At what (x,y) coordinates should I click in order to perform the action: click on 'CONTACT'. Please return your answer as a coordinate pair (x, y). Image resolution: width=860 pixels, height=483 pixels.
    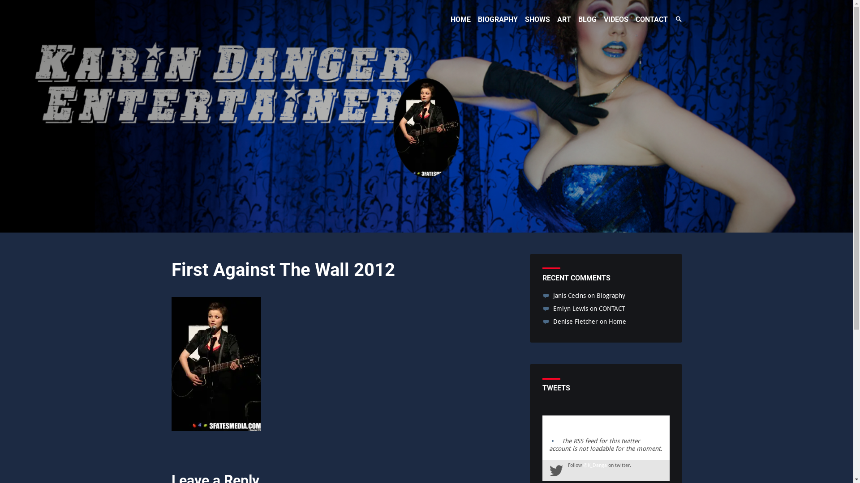
    Looking at the image, I should click on (611, 308).